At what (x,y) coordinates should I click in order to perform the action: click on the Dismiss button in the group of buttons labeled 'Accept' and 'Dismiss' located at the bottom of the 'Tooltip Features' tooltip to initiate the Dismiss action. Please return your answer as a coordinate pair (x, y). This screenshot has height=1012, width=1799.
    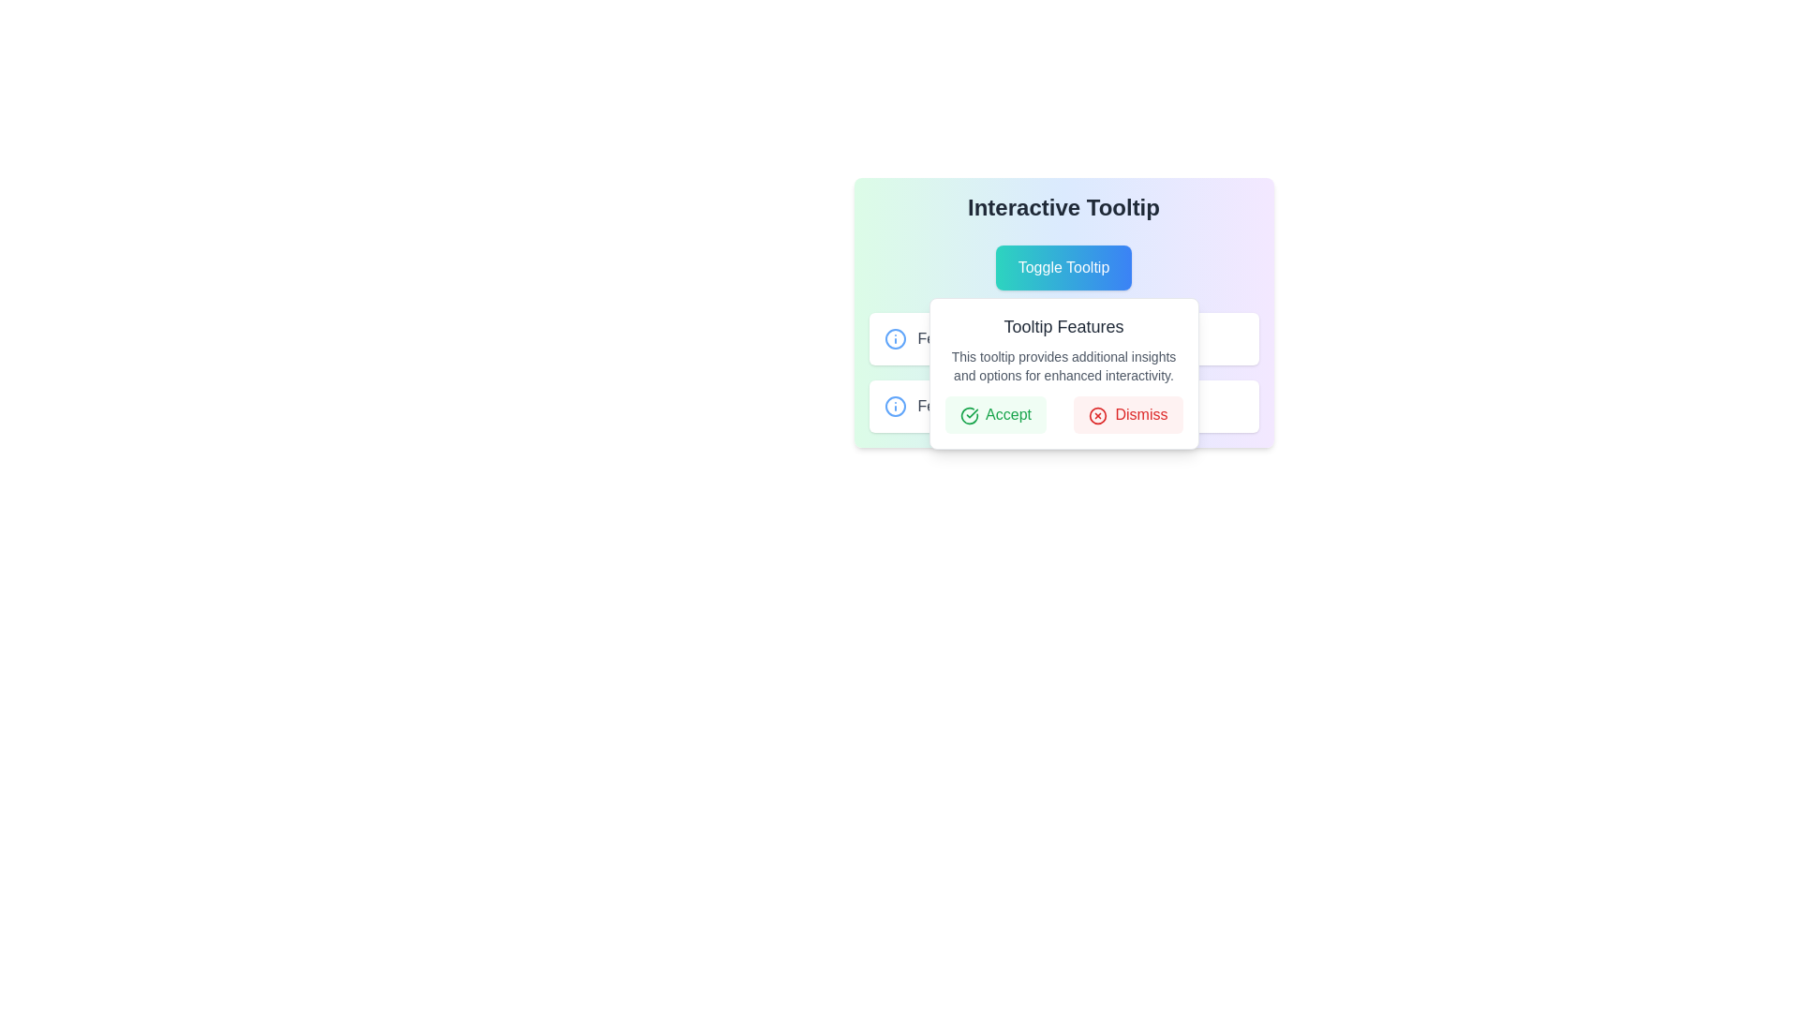
    Looking at the image, I should click on (1063, 414).